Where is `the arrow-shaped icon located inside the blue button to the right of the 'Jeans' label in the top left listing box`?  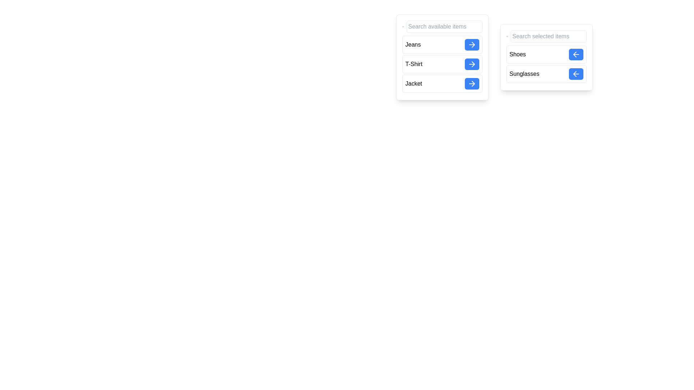 the arrow-shaped icon located inside the blue button to the right of the 'Jeans' label in the top left listing box is located at coordinates (473, 44).